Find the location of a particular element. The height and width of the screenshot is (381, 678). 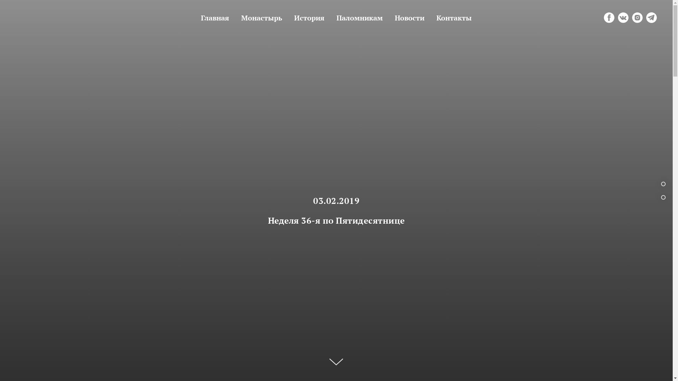

'Telegram' is located at coordinates (651, 17).